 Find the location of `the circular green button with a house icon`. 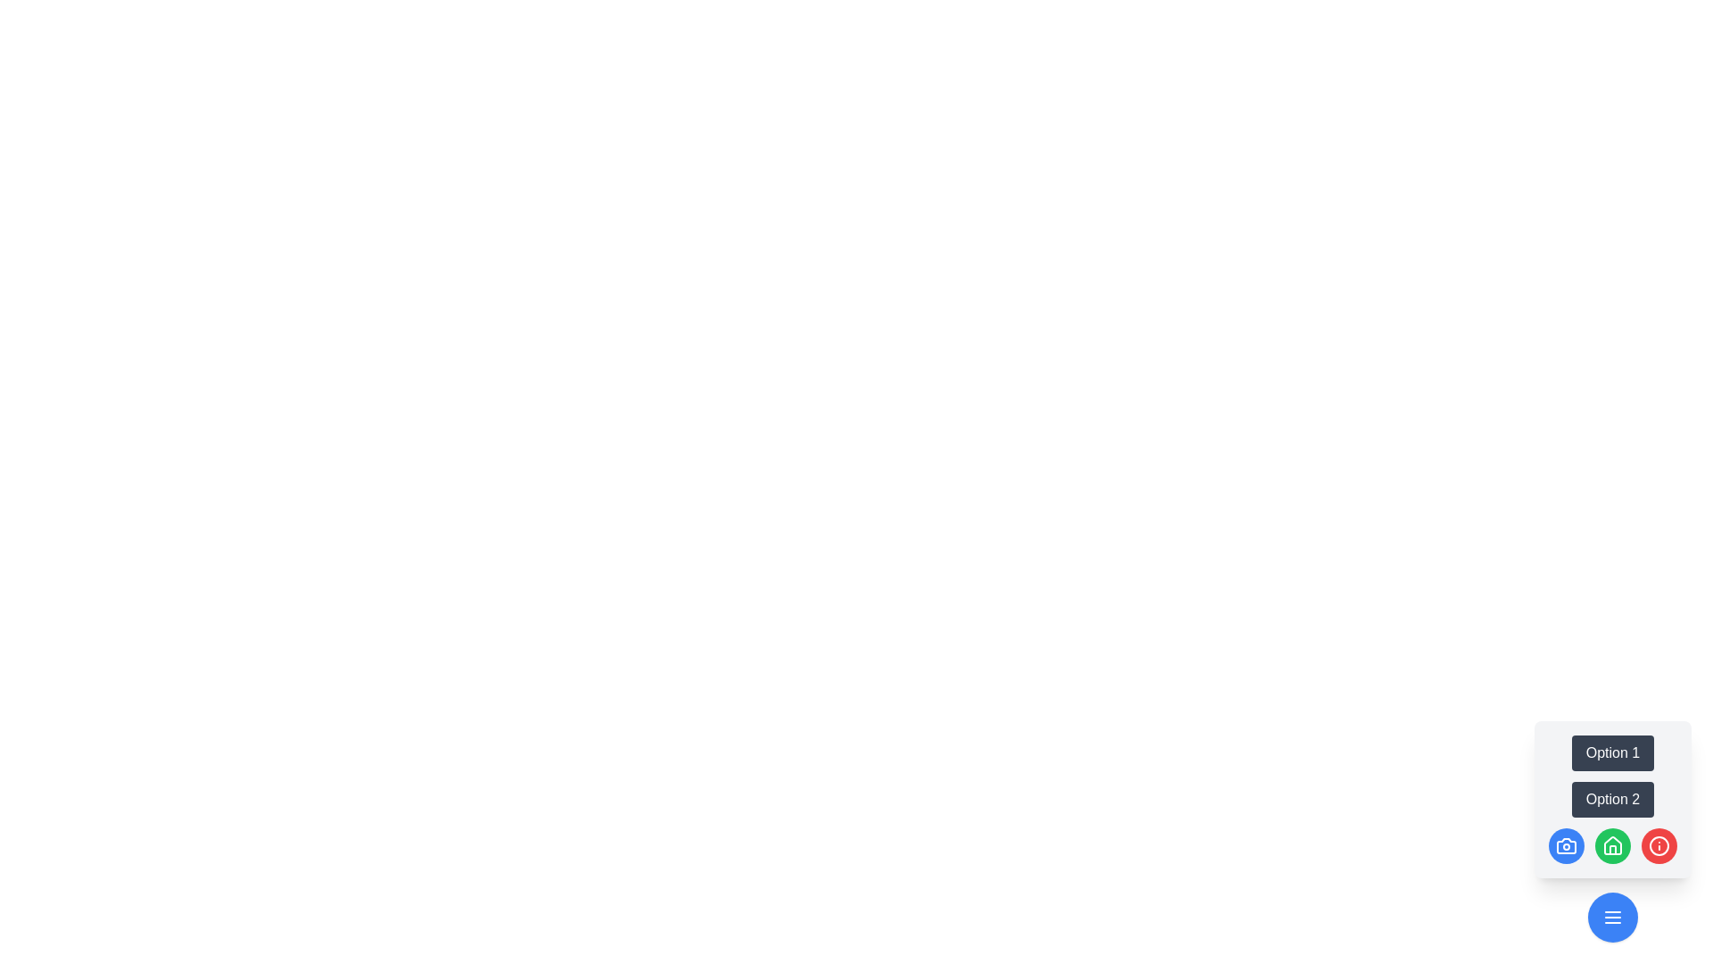

the circular green button with a house icon is located at coordinates (1613, 845).